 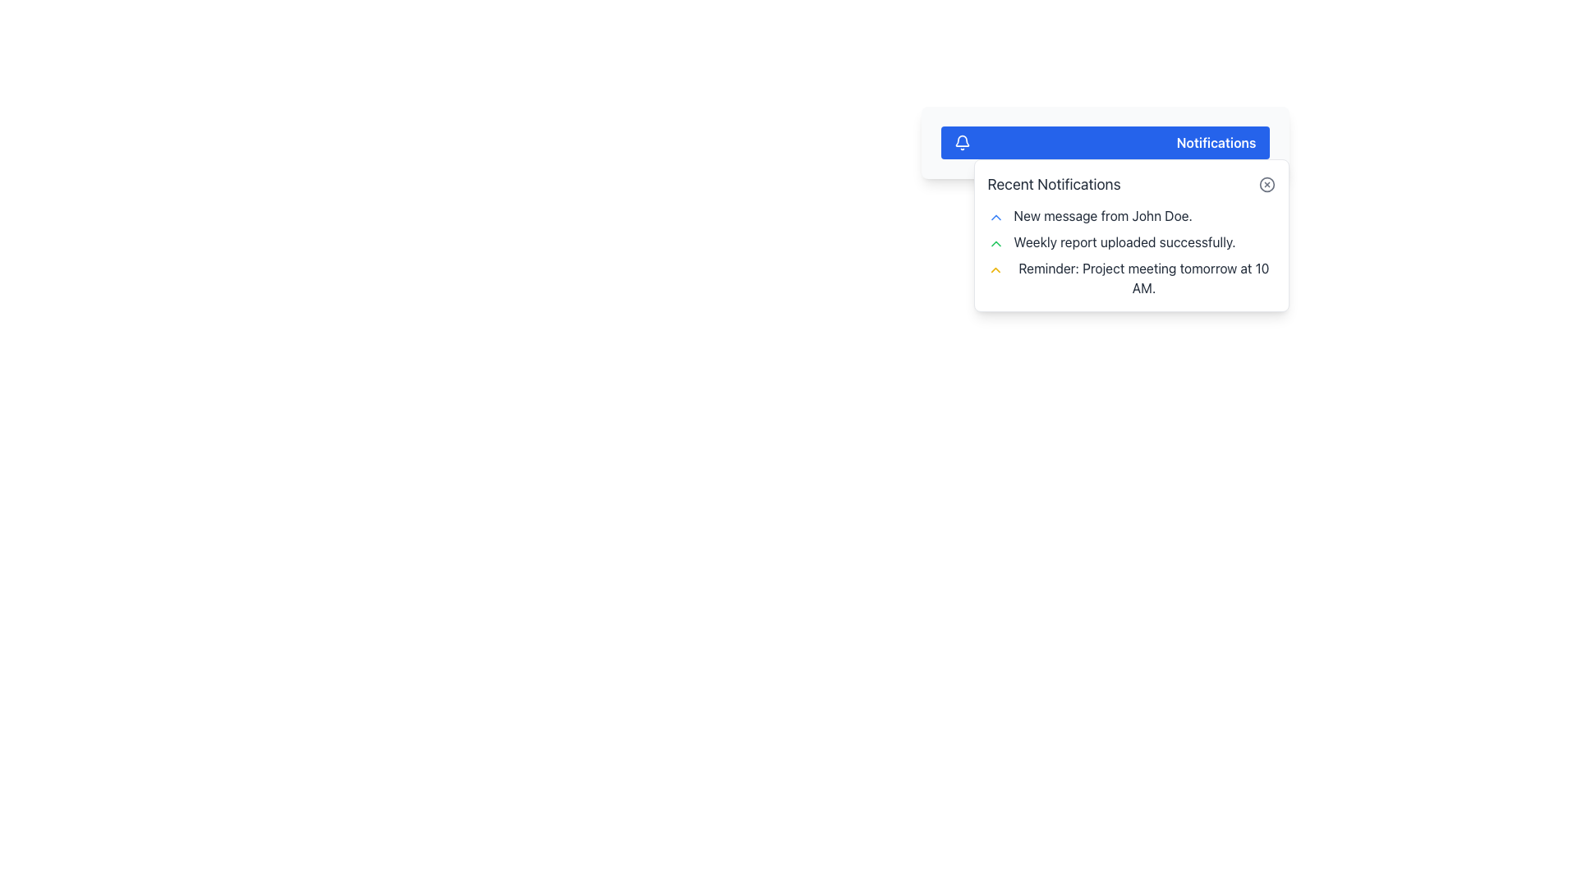 I want to click on message from the text label that reads 'Reminder: Project meeting tomorrow at 10 AM.' which is the third item in a vertical list of notifications in a dropdown menu, so click(x=1143, y=278).